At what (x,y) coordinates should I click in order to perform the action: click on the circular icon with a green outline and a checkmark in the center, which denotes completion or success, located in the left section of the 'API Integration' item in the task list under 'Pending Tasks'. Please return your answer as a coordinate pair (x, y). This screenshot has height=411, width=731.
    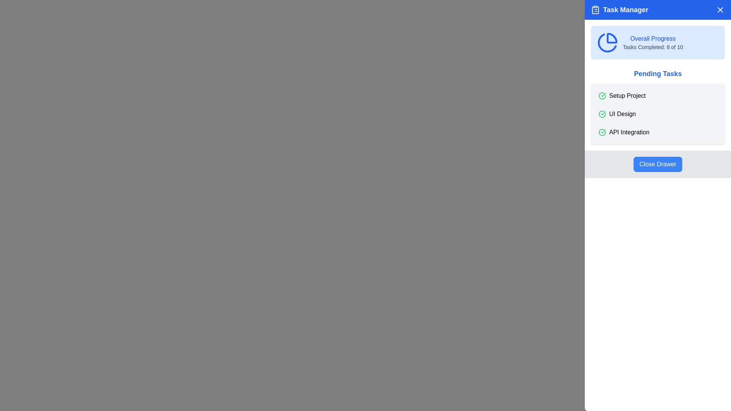
    Looking at the image, I should click on (602, 132).